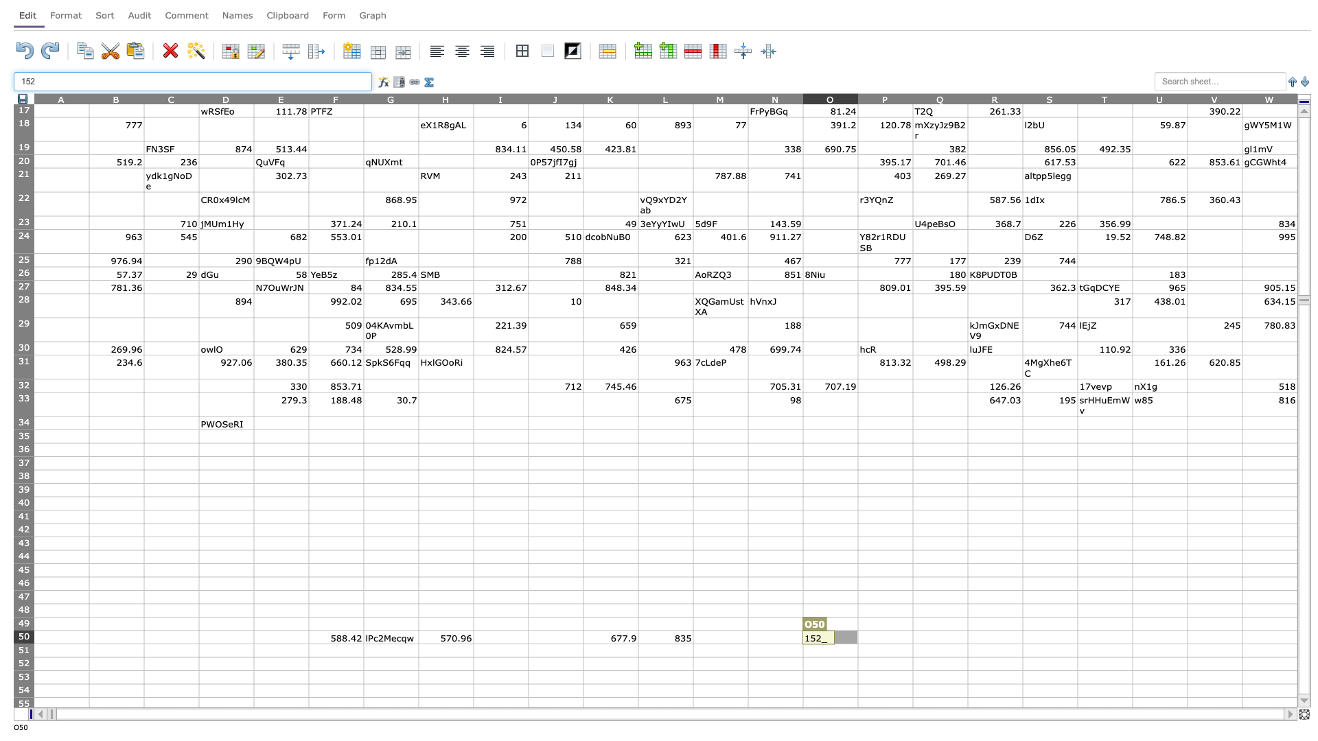 The width and height of the screenshot is (1318, 741). I want to click on top left corner of cell R50, so click(967, 630).